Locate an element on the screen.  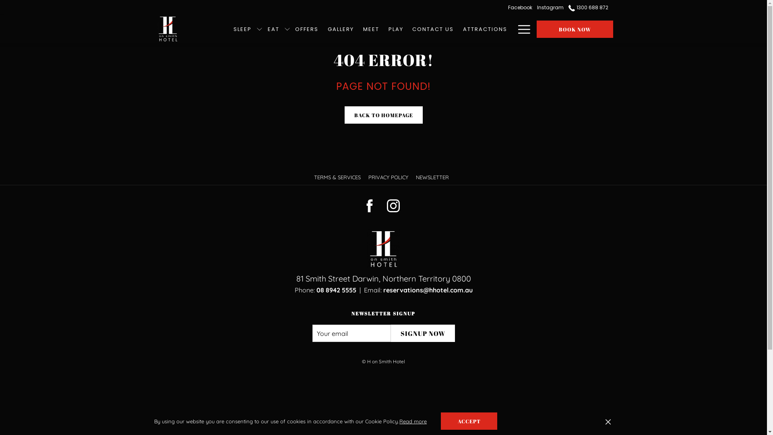
'BOOK NOW' is located at coordinates (574, 29).